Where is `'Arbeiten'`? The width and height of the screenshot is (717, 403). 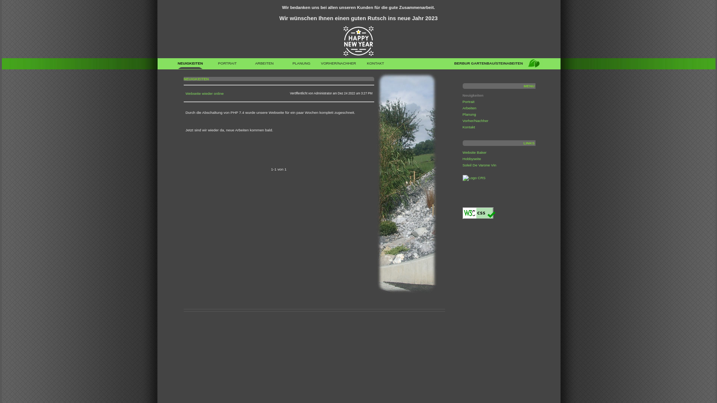
'Arbeiten' is located at coordinates (469, 108).